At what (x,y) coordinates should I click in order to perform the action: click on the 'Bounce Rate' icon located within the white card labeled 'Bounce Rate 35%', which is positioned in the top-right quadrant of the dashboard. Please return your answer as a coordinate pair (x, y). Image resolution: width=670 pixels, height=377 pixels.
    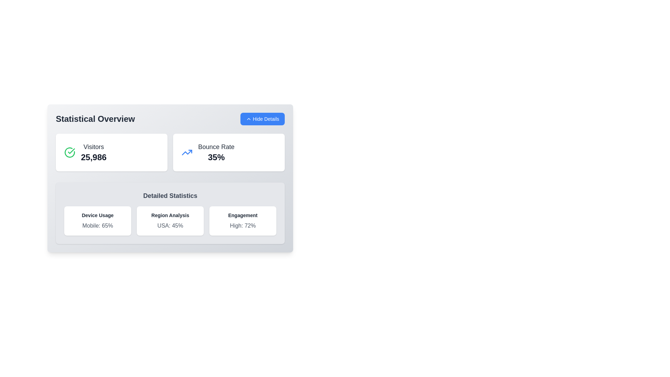
    Looking at the image, I should click on (187, 152).